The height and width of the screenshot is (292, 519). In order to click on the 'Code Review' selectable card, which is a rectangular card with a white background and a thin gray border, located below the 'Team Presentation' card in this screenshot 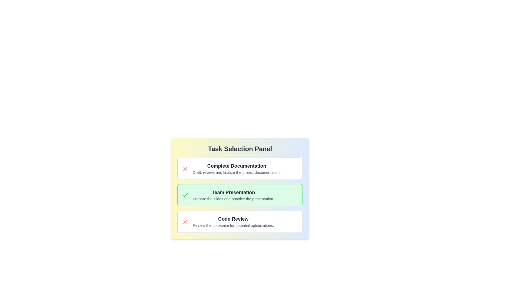, I will do `click(240, 222)`.